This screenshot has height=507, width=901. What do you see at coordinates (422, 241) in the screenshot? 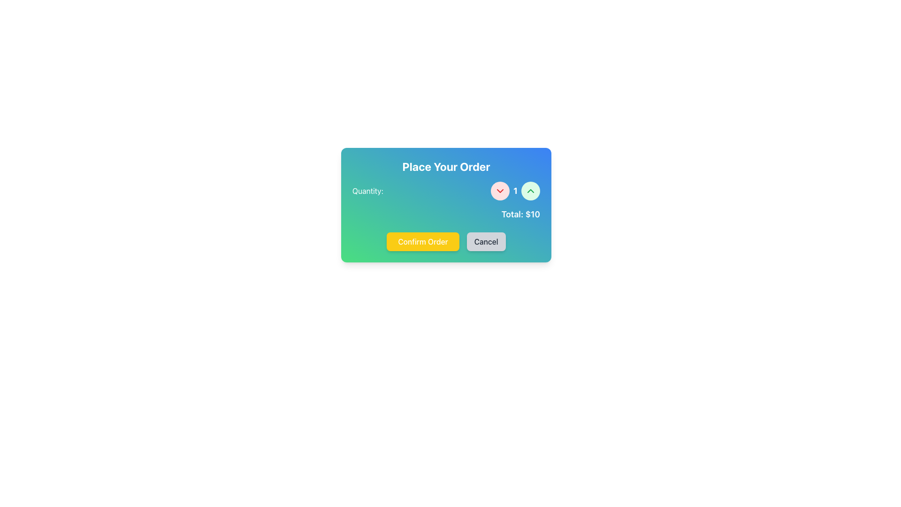
I see `the confirm order button located below the 'Place Your Order' text and to the left of the 'Cancel' button, finalizing the quantity and price details` at bounding box center [422, 241].